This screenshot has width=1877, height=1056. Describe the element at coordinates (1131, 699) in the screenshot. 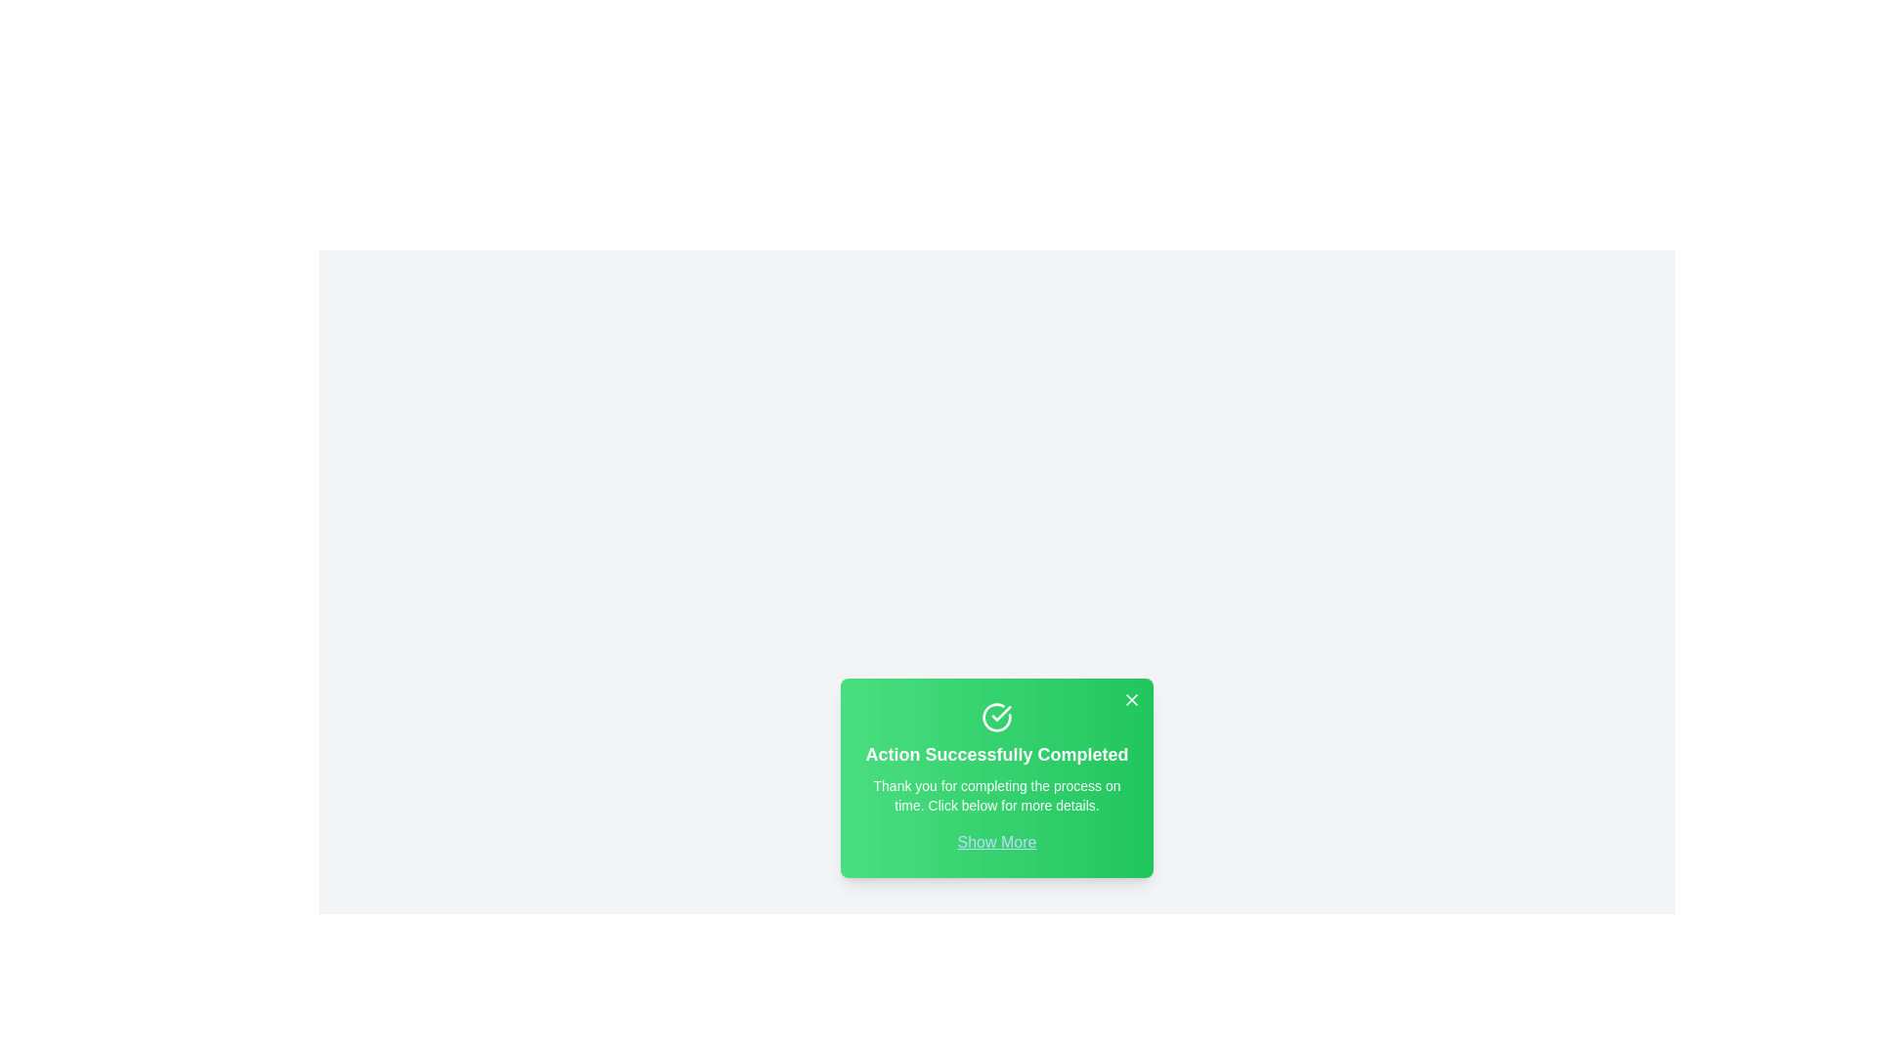

I see `the close button to hide the alert` at that location.